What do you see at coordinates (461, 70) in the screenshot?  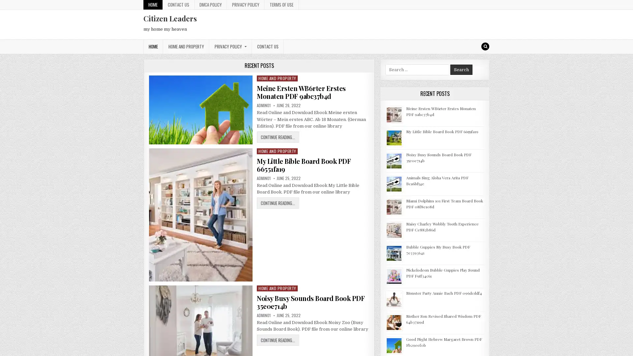 I see `Search` at bounding box center [461, 70].